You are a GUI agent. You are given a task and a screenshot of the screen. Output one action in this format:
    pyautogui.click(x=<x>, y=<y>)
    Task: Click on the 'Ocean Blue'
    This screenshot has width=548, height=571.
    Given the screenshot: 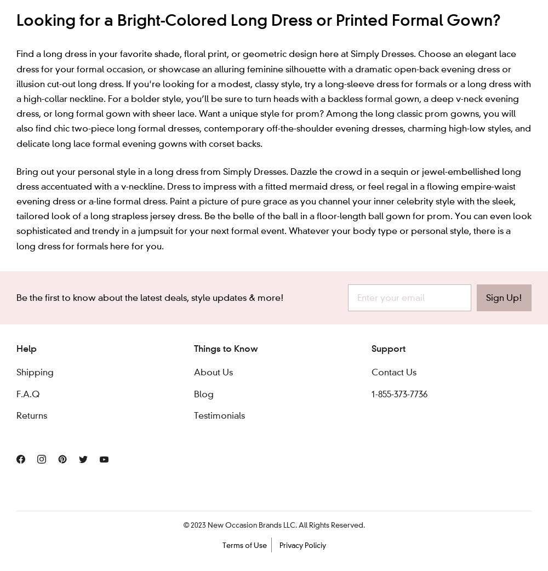 What is the action you would take?
    pyautogui.click(x=171, y=44)
    